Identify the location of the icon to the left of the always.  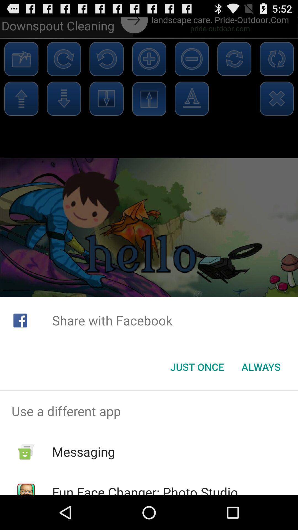
(197, 367).